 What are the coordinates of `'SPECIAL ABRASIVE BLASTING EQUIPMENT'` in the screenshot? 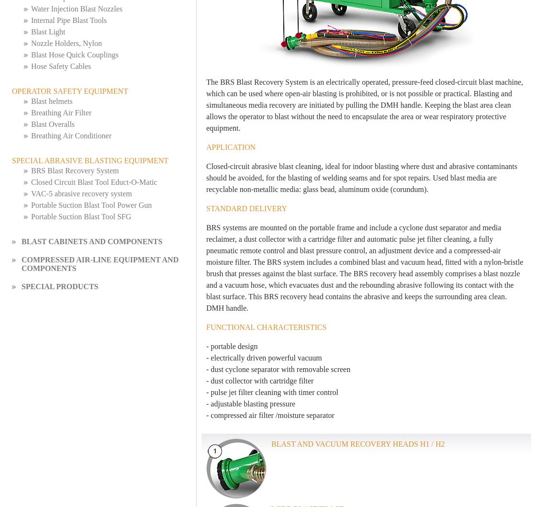 It's located at (11, 160).